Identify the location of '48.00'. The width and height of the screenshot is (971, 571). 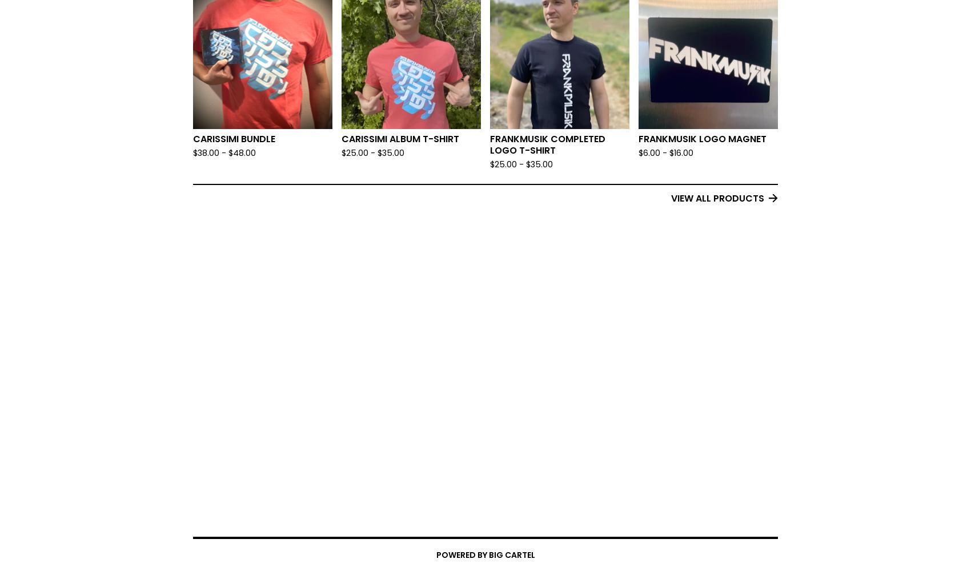
(244, 153).